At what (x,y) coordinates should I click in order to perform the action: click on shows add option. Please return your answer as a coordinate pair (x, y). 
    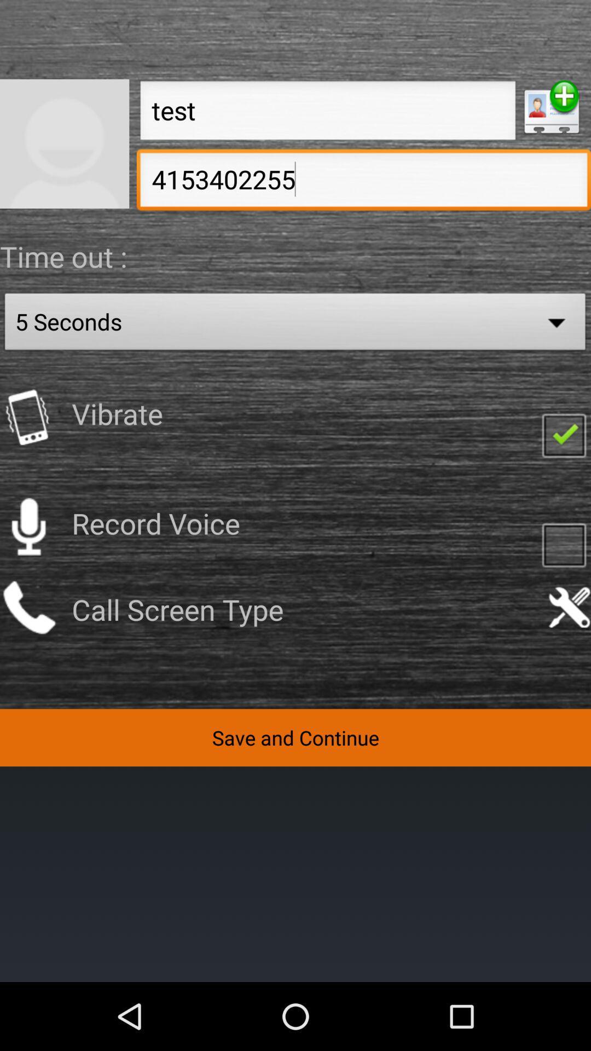
    Looking at the image, I should click on (552, 108).